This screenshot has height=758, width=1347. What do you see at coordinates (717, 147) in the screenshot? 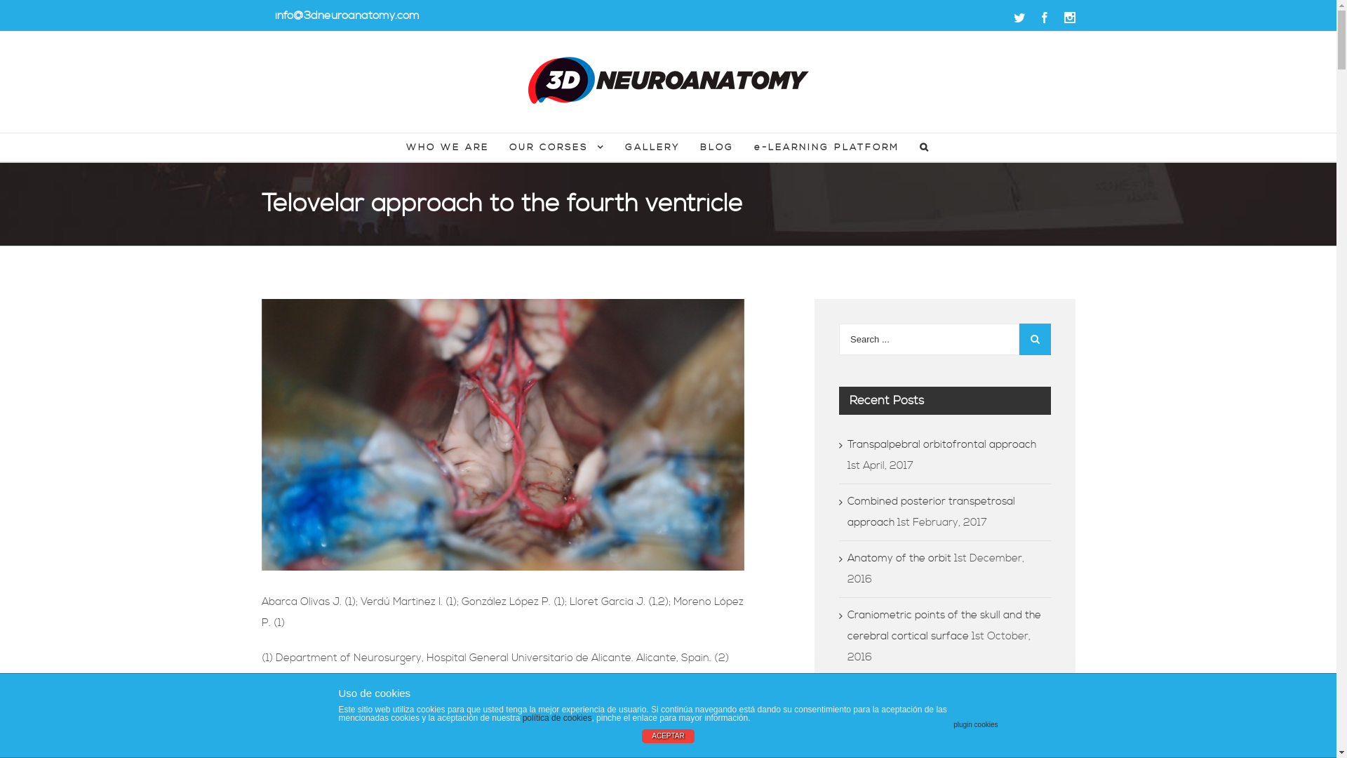
I see `'BLOG'` at bounding box center [717, 147].